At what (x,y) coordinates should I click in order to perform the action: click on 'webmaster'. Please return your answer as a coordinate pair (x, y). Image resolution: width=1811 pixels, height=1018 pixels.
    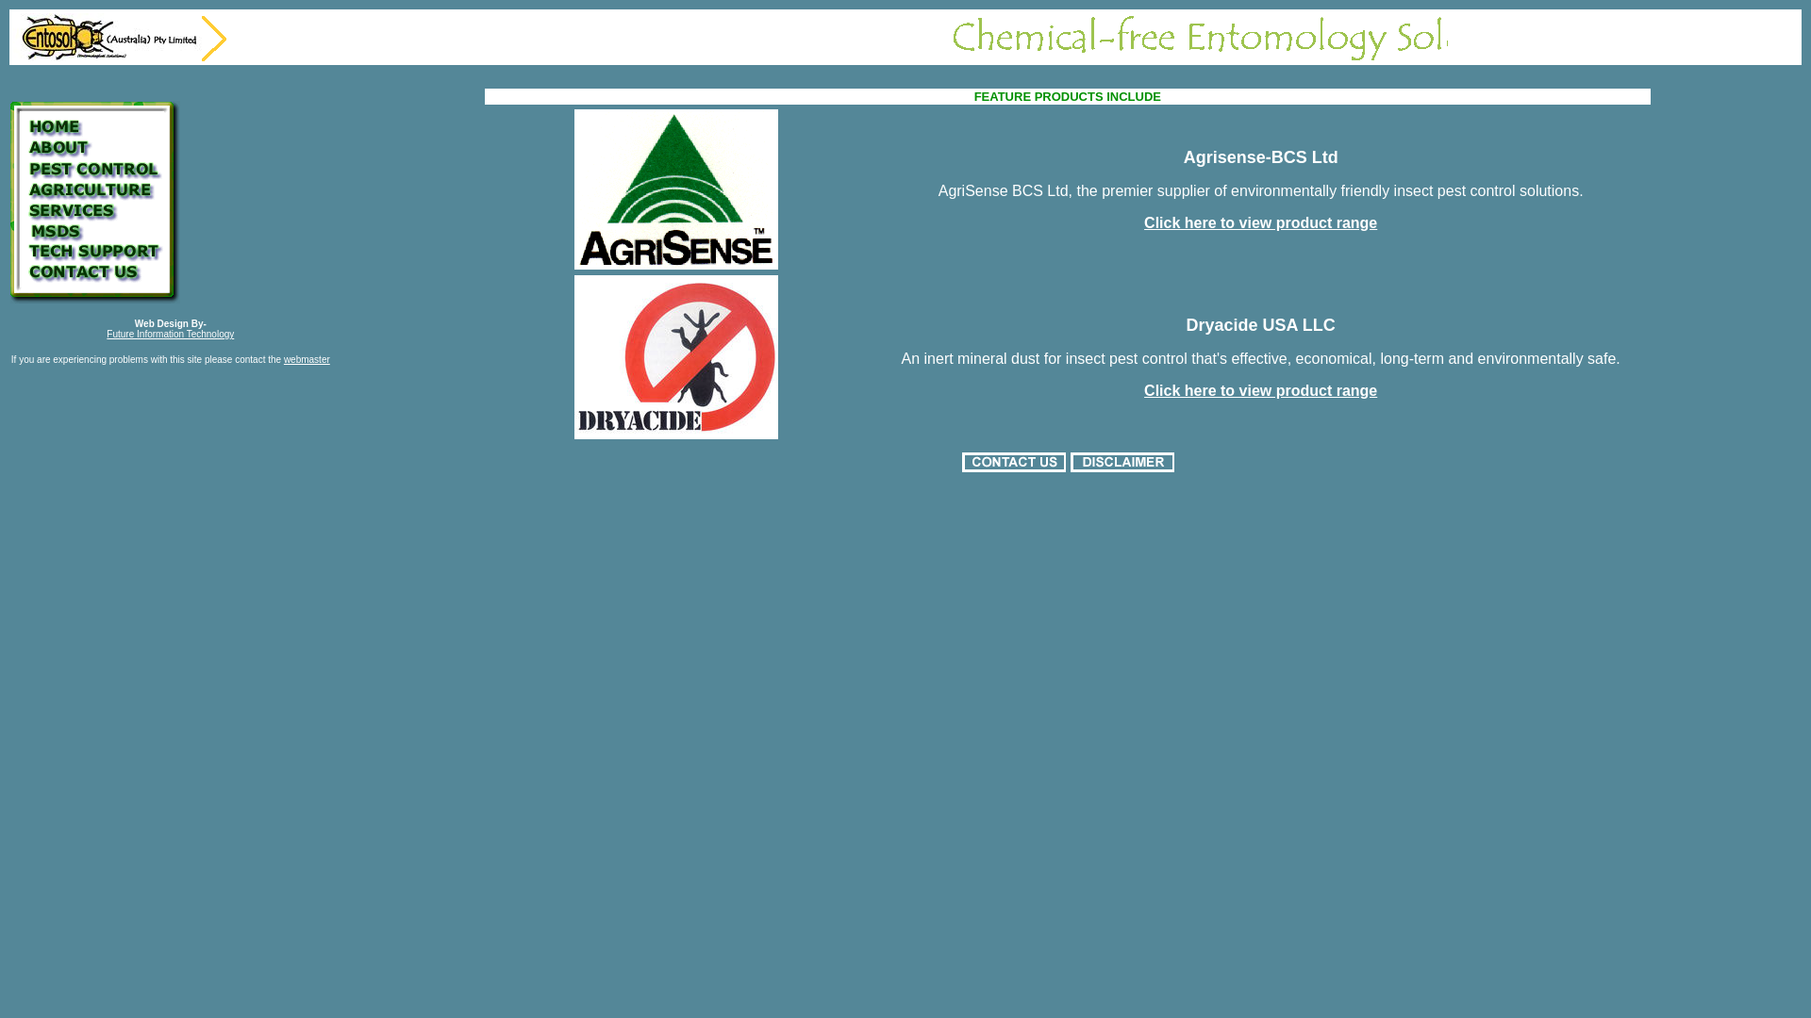
    Looking at the image, I should click on (283, 359).